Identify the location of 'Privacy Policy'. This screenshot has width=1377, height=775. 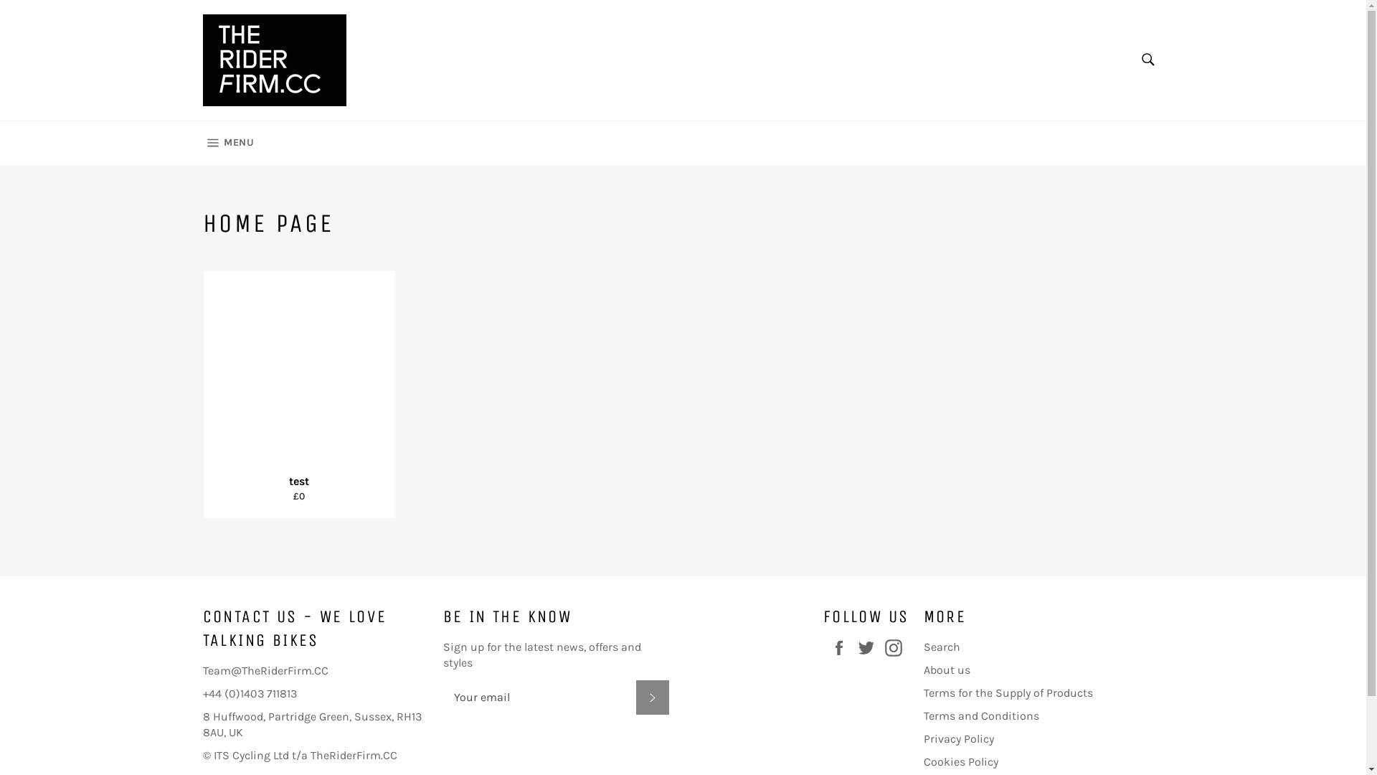
(959, 738).